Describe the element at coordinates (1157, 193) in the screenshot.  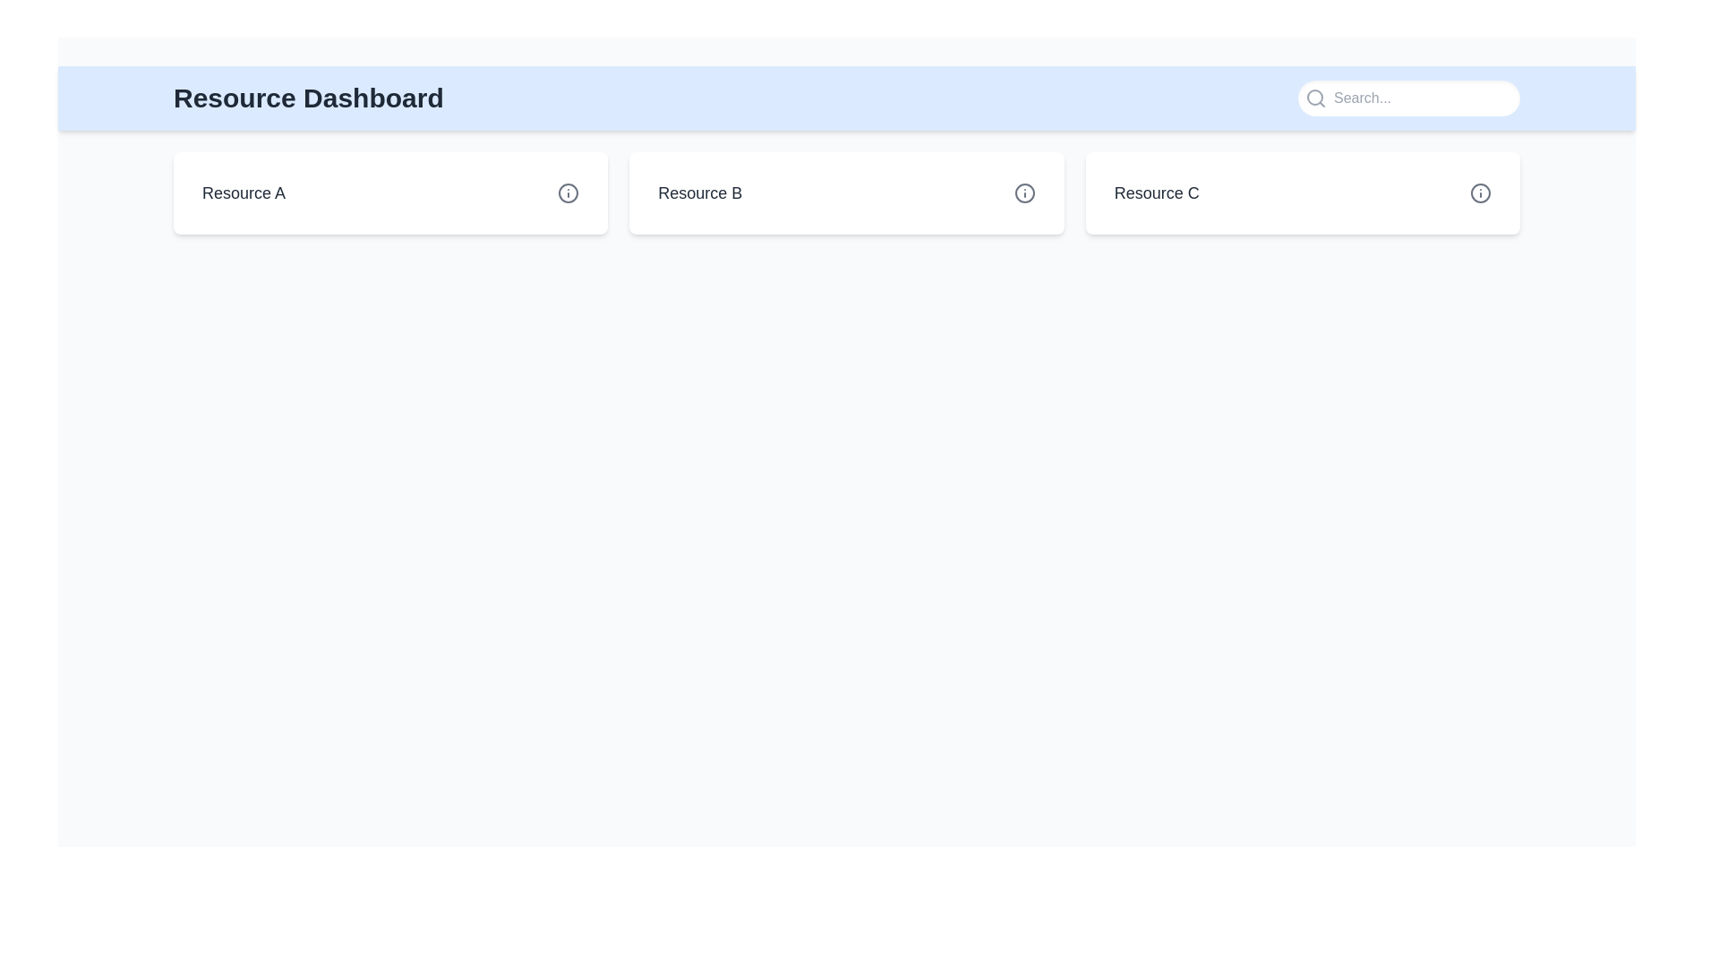
I see `text content of the text label that displays 'Resource C', styled with a medium-sized, dark gray font on a white background, located near the top-right corner of the interface` at that location.